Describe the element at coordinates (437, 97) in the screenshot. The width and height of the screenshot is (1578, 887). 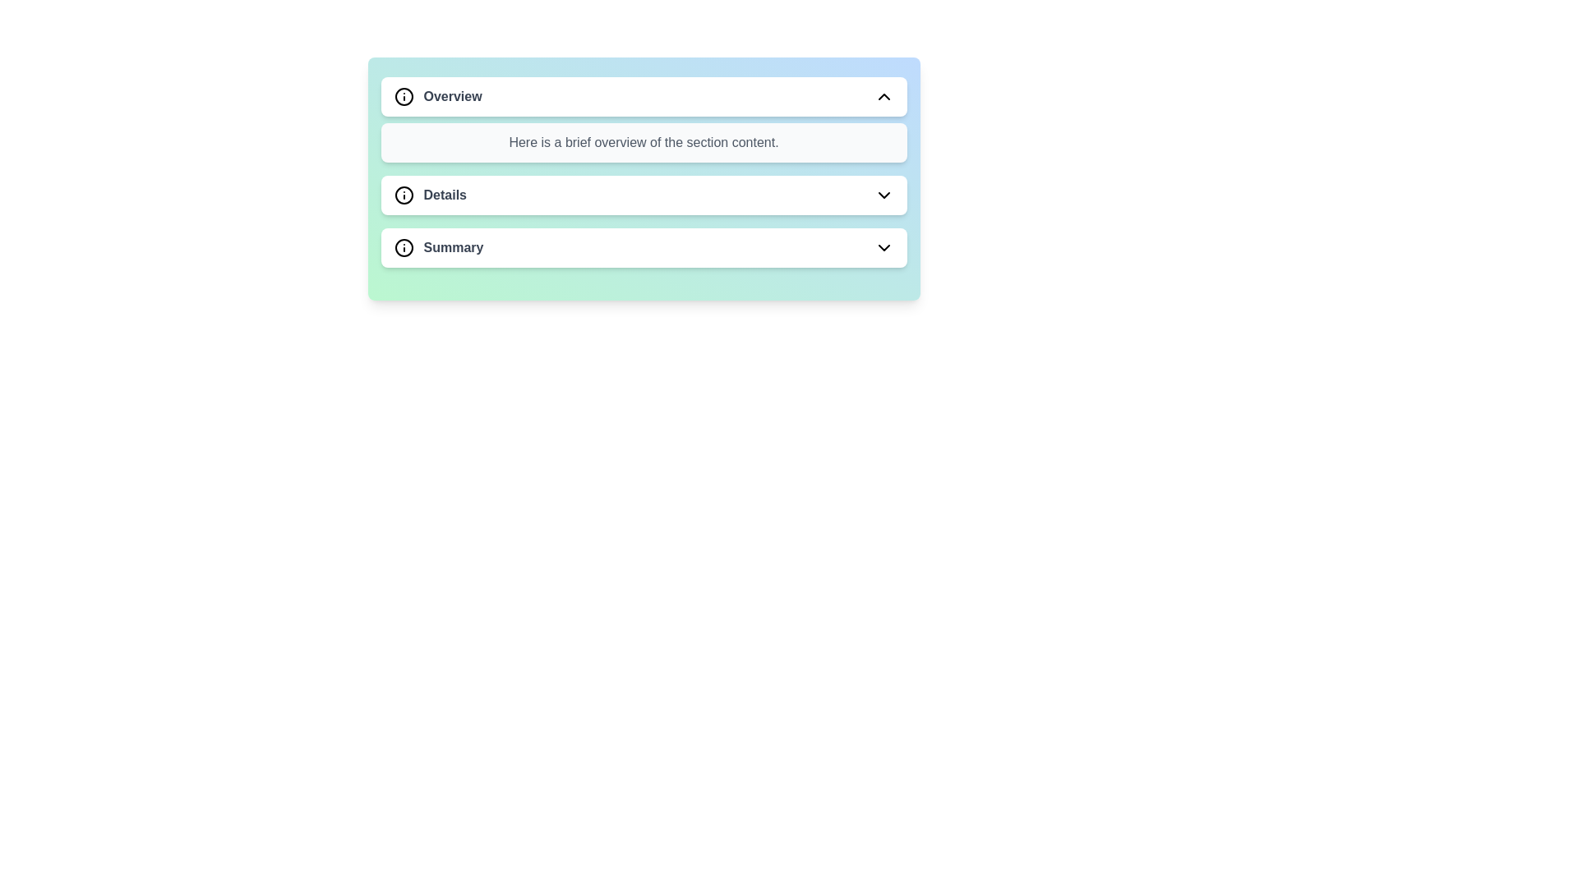
I see `the 'Overview' Text Label with Icon, which is the first item in a vertically stacked list of sections, styled in bold gray font with an information icon next to it` at that location.